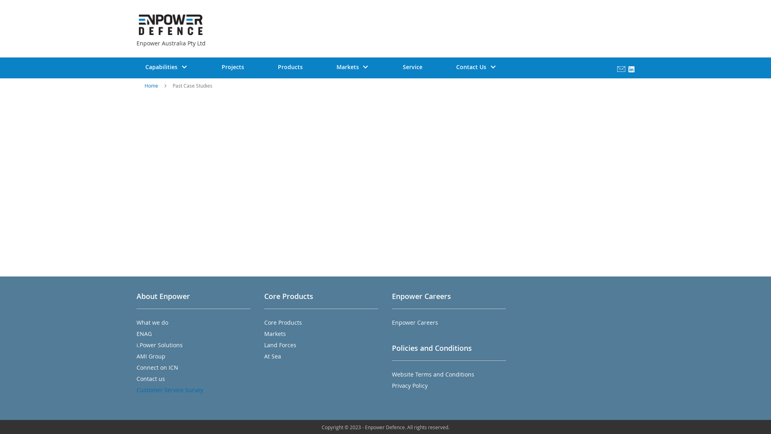 This screenshot has height=434, width=771. What do you see at coordinates (137, 367) in the screenshot?
I see `'Connect on ICN'` at bounding box center [137, 367].